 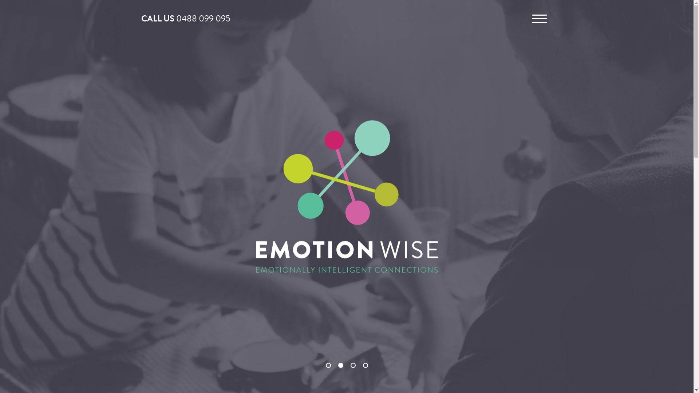 I want to click on 'Emotionally Intelligent Connections', so click(x=346, y=195).